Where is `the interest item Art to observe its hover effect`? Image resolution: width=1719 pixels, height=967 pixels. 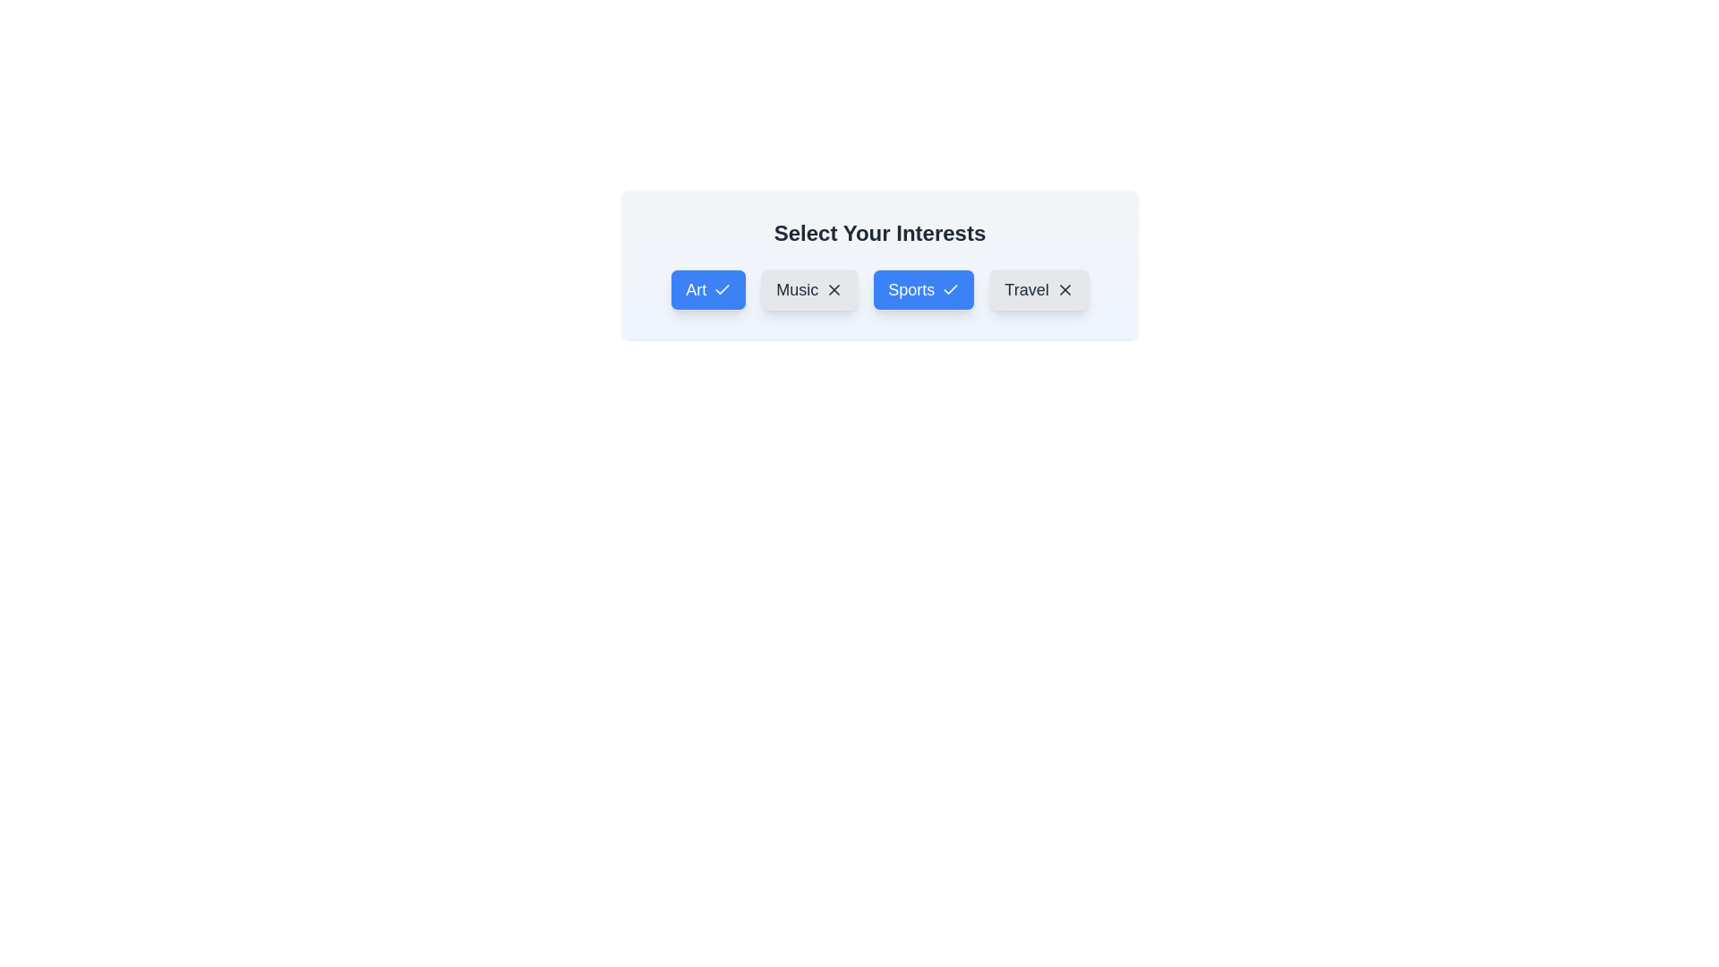
the interest item Art to observe its hover effect is located at coordinates (707, 289).